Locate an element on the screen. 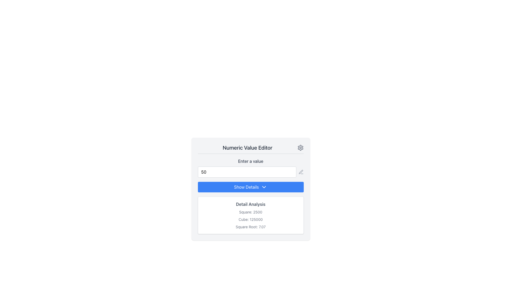 The width and height of the screenshot is (508, 285). the Informational Display box with rounded corners and a white background, located beneath the 'Show Details' button, which contains the header 'Detail Analysis' and values for Square, Cube, and Square Root is located at coordinates (250, 215).